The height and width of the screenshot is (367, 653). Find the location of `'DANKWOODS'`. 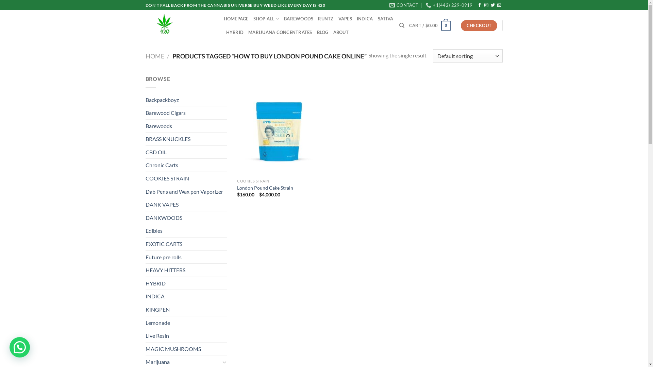

'DANKWOODS' is located at coordinates (186, 217).